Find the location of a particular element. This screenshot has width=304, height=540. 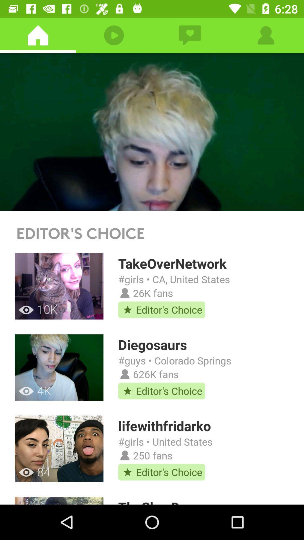

image is located at coordinates (152, 132).